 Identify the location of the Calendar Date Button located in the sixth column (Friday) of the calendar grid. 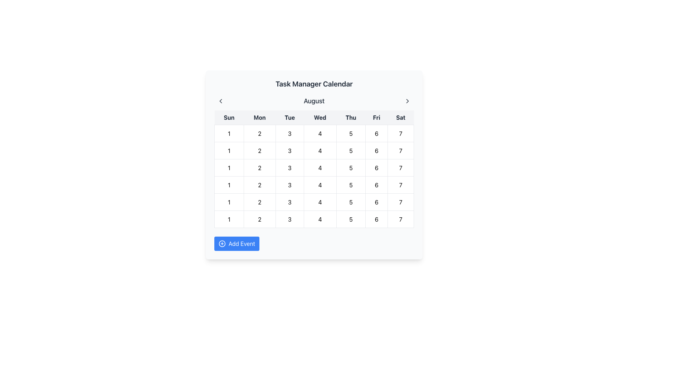
(376, 168).